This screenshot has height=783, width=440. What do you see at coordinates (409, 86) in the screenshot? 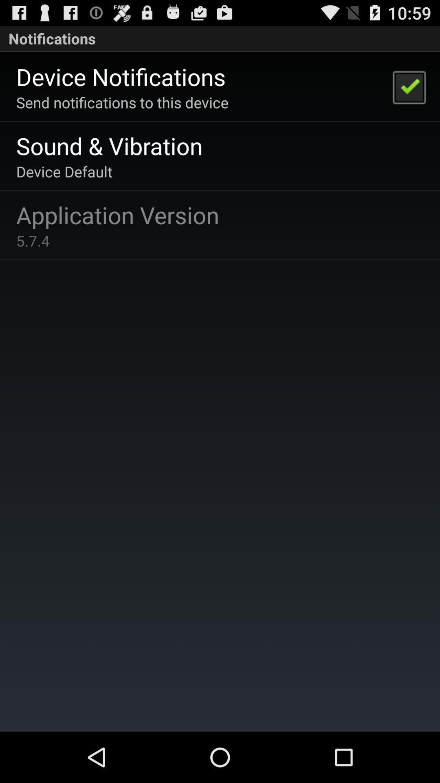
I see `checkbox at the top right corner` at bounding box center [409, 86].